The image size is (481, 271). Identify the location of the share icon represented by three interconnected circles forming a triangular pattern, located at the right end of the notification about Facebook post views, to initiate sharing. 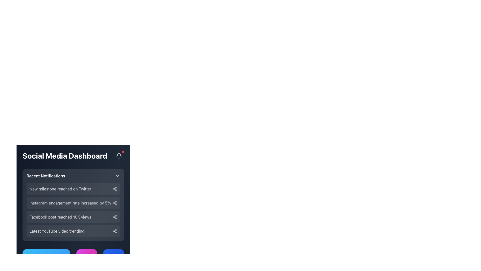
(115, 217).